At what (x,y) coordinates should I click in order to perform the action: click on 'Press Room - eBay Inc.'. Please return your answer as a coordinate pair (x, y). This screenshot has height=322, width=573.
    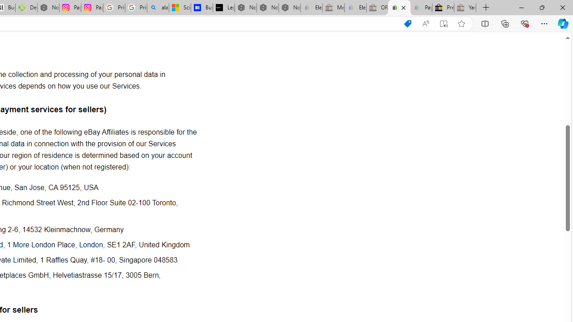
    Looking at the image, I should click on (443, 8).